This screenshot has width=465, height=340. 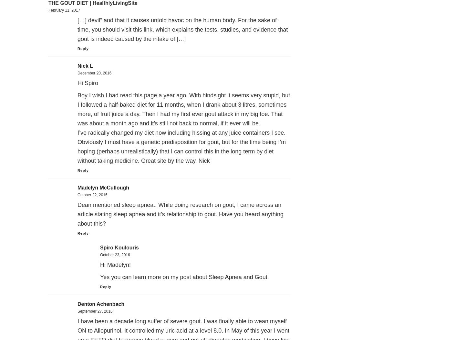 What do you see at coordinates (268, 277) in the screenshot?
I see `'.'` at bounding box center [268, 277].